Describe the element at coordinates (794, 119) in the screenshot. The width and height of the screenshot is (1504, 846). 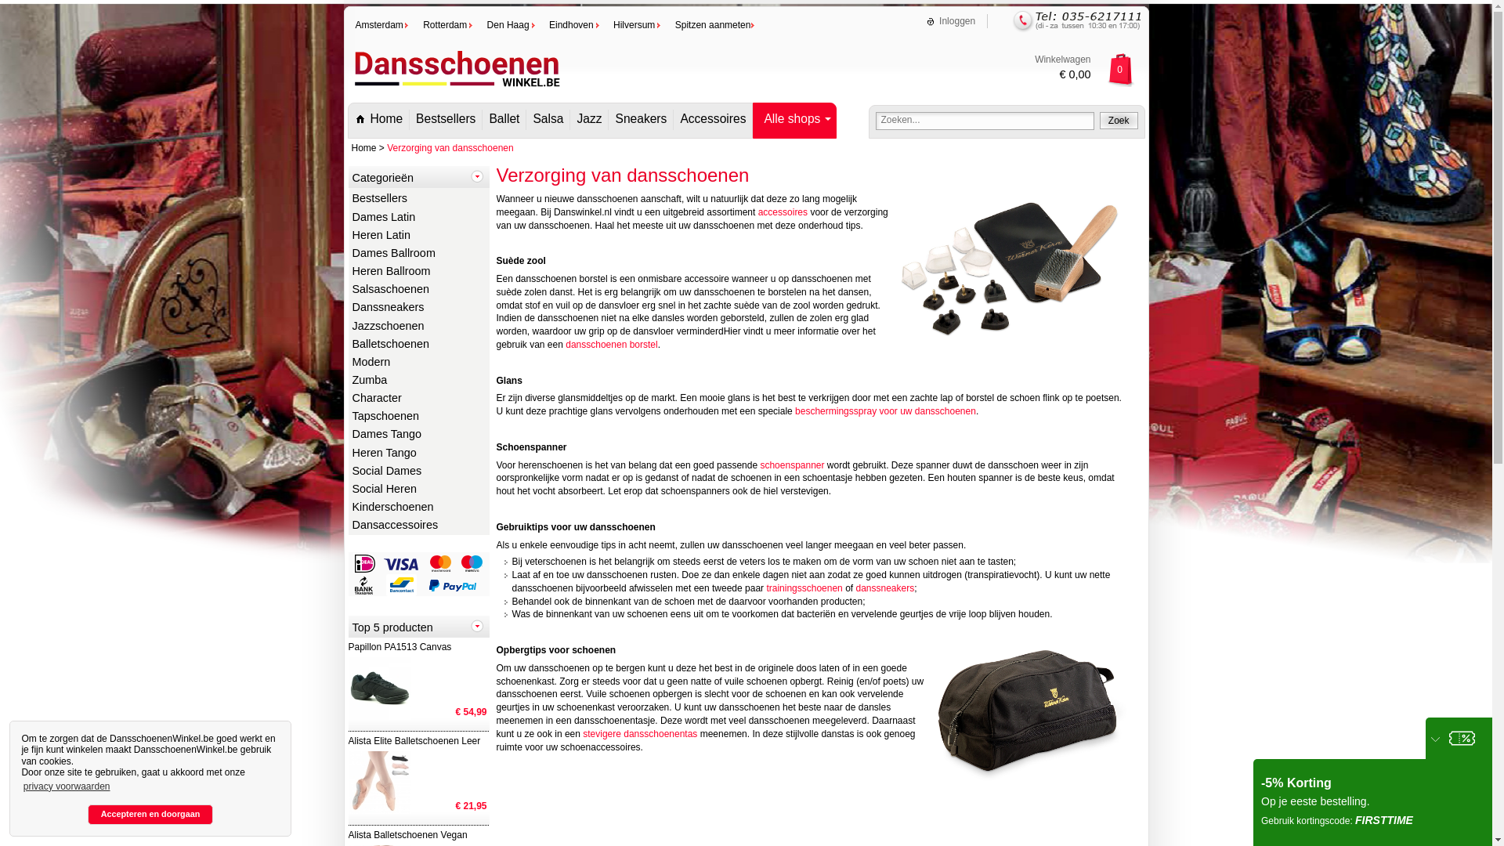
I see `'Alle shops'` at that location.